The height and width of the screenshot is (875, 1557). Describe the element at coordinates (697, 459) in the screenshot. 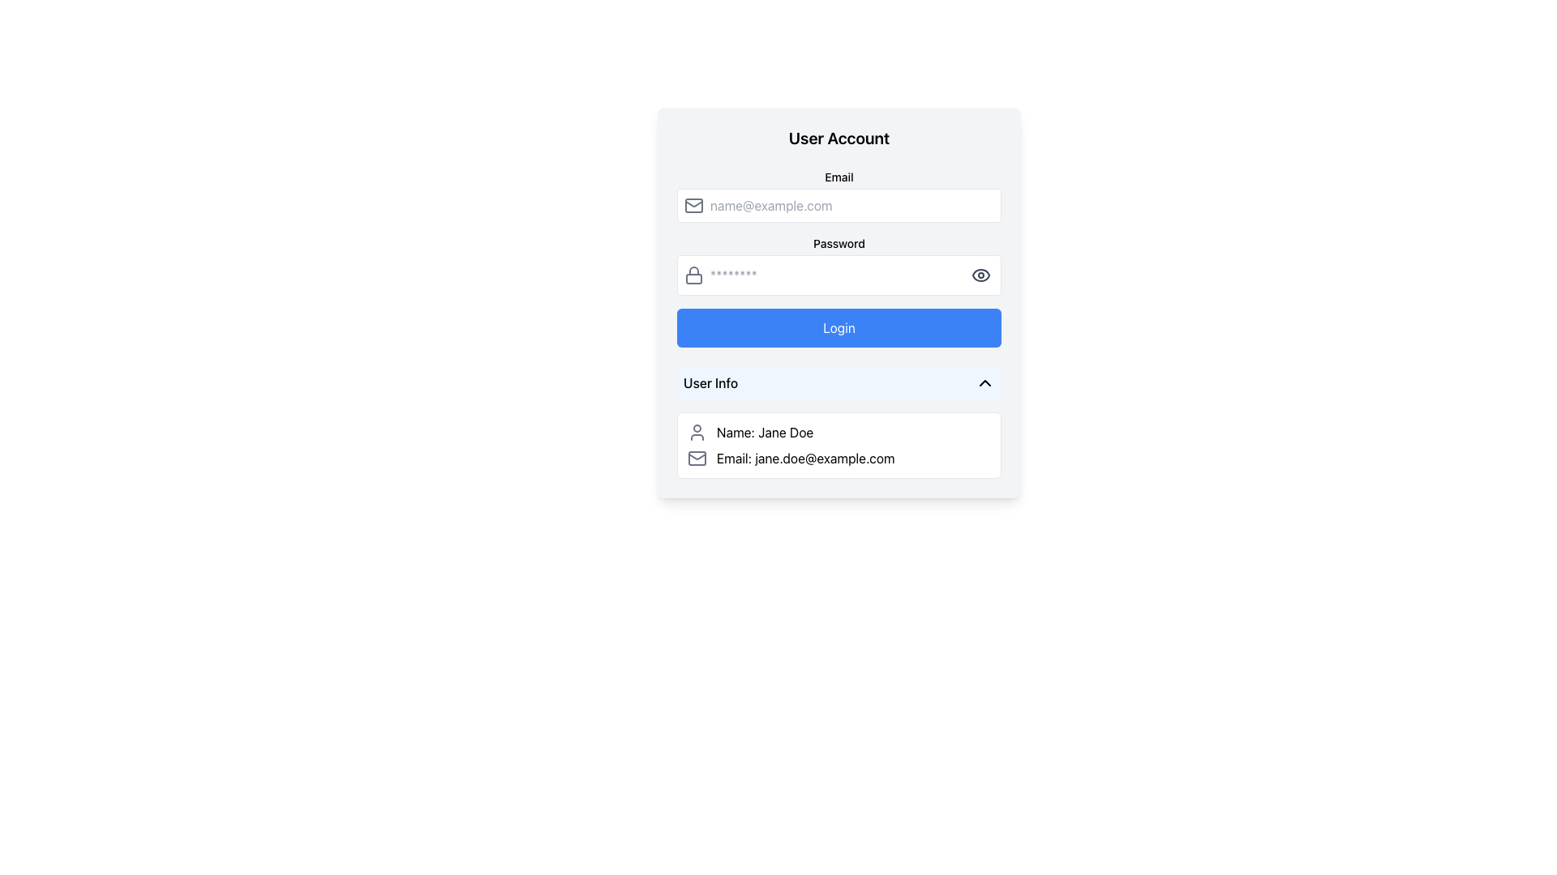

I see `the decorative email icon located to the left of the text 'Email: jane.doe@example.com' in the 'User Info' section` at that location.